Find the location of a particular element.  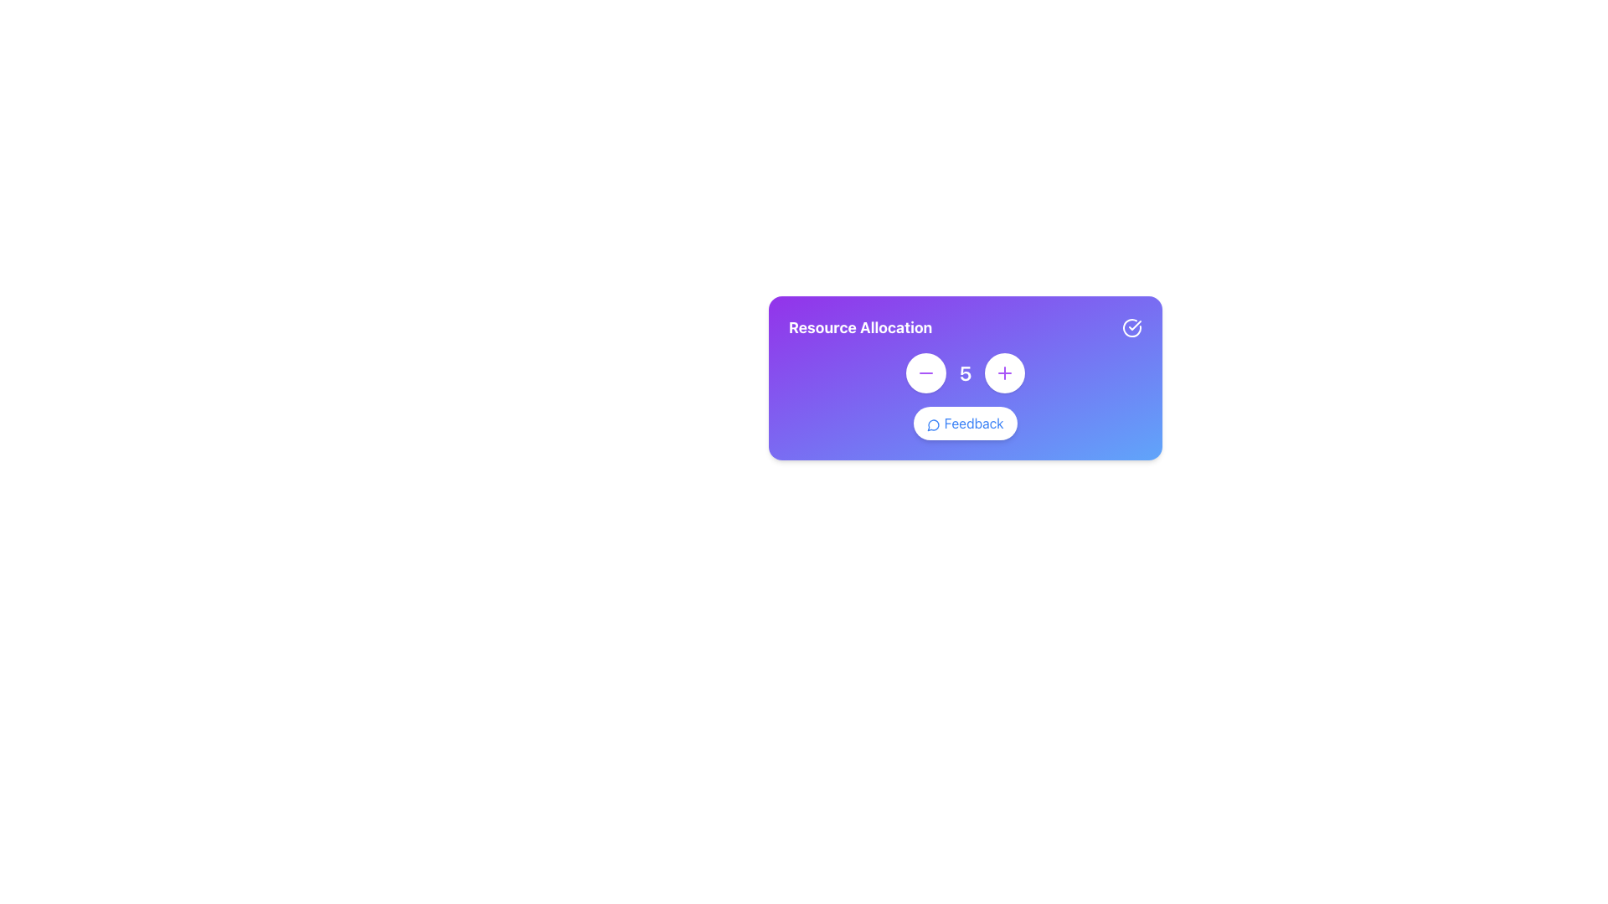

the plus icon button located in the right segment of the toolbar to increment the associated numerical value is located at coordinates (1005, 372).